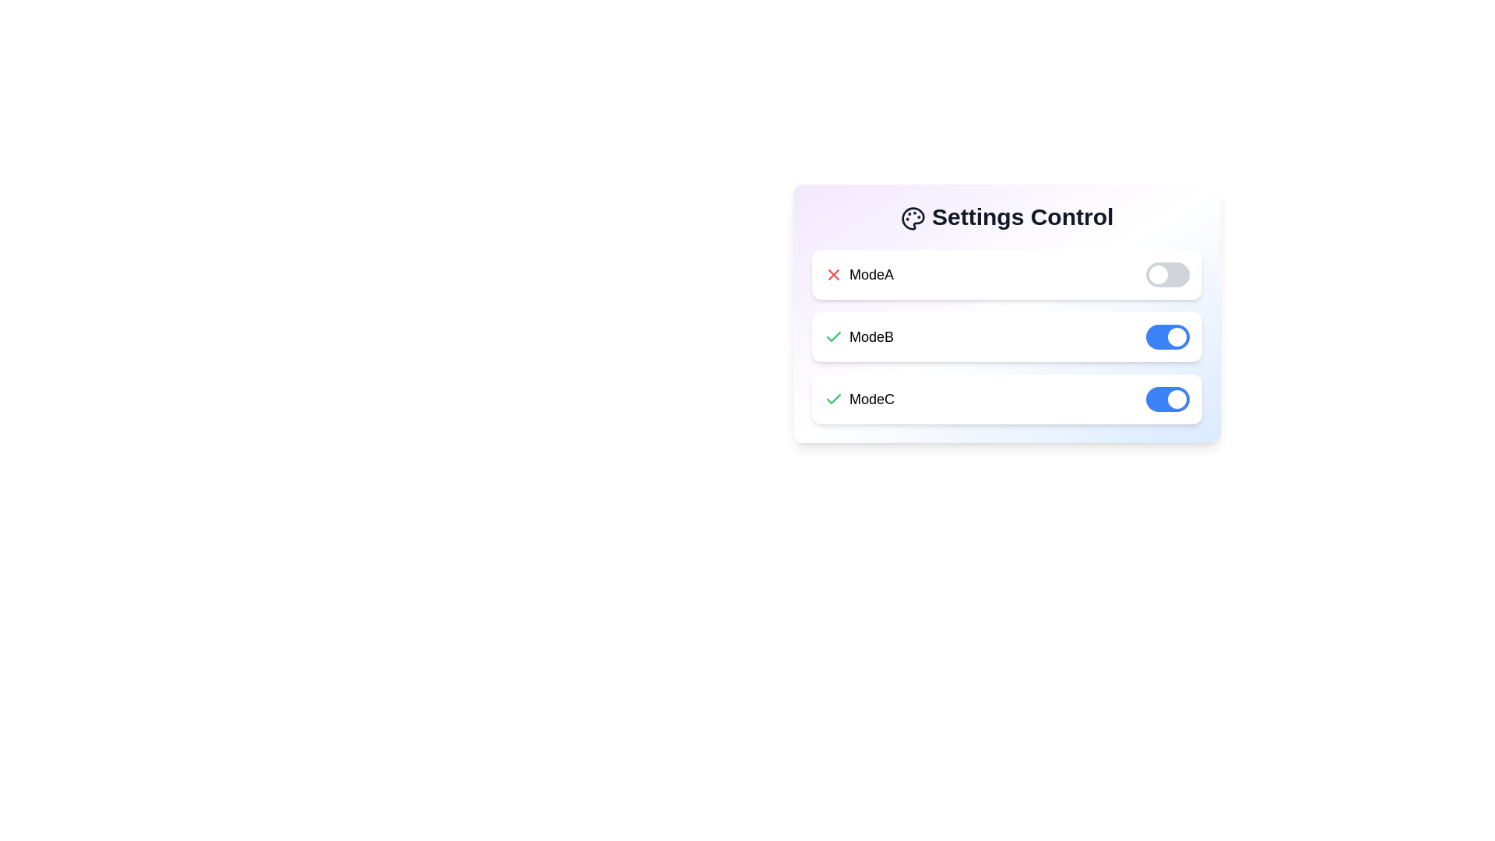 The width and height of the screenshot is (1495, 841). I want to click on the 'ModeA' Settings Item with Toggle Switch, so click(1007, 274).